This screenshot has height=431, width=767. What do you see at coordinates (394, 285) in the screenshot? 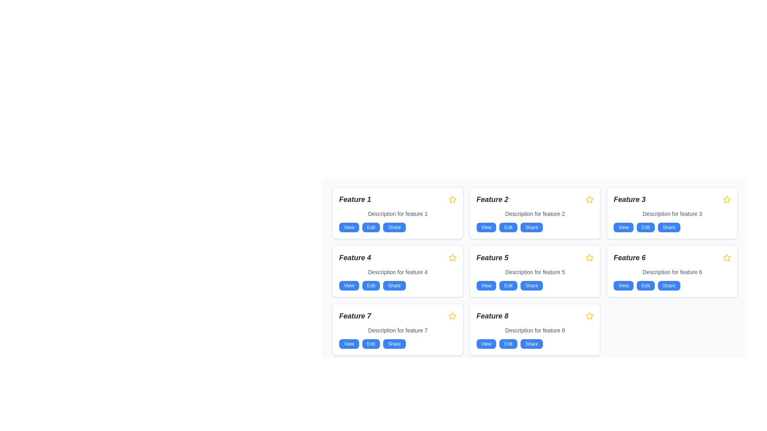
I see `the 'Share' button, which has a blue background and white text` at bounding box center [394, 285].